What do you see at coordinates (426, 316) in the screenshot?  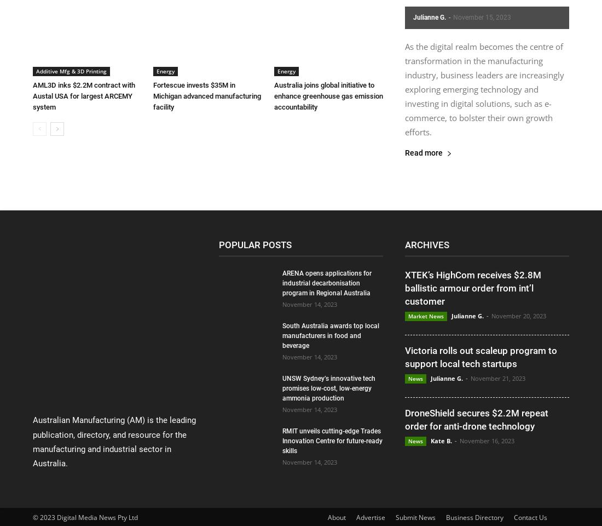 I see `'Market News'` at bounding box center [426, 316].